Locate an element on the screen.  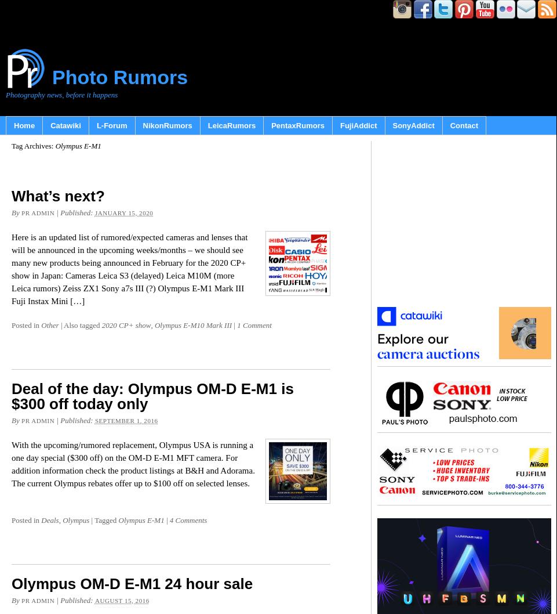
'January 15, 2020' is located at coordinates (123, 213).